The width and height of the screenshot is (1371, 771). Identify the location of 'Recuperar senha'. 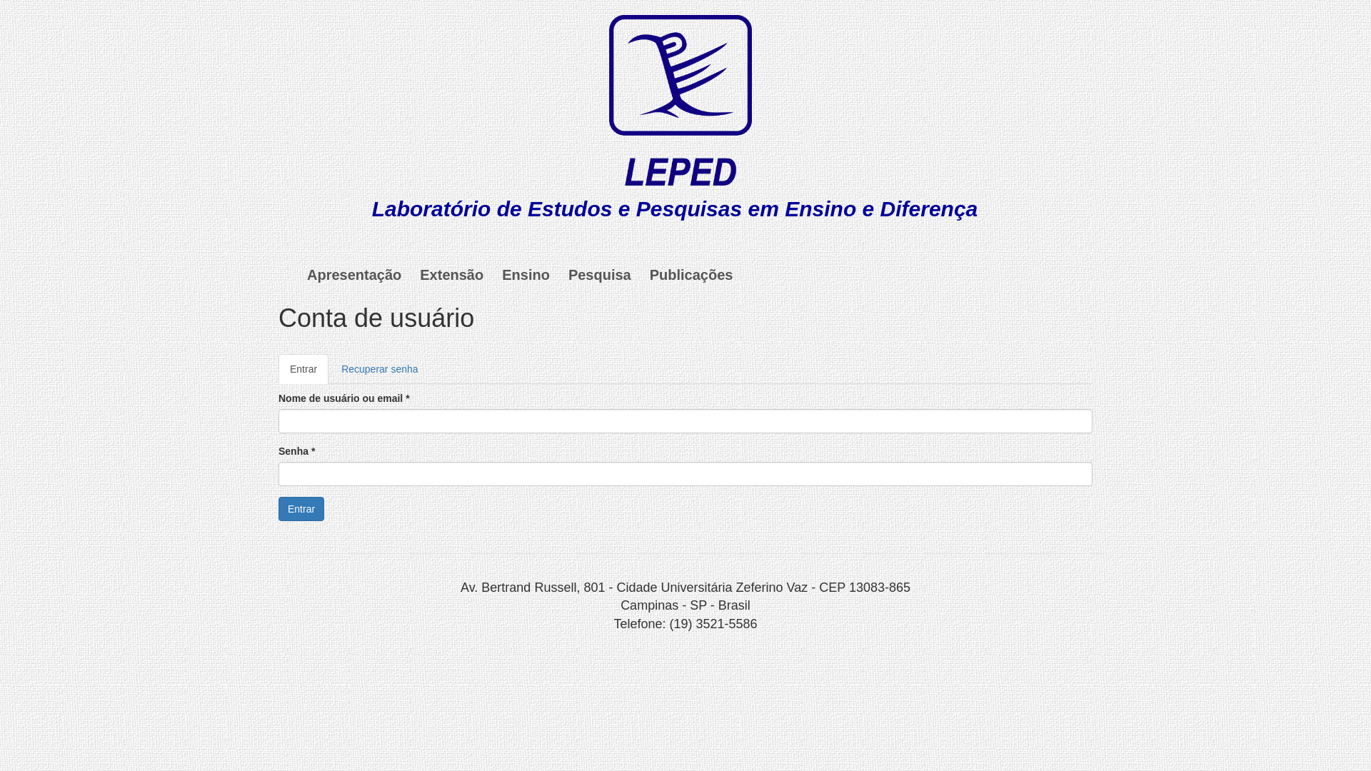
(379, 368).